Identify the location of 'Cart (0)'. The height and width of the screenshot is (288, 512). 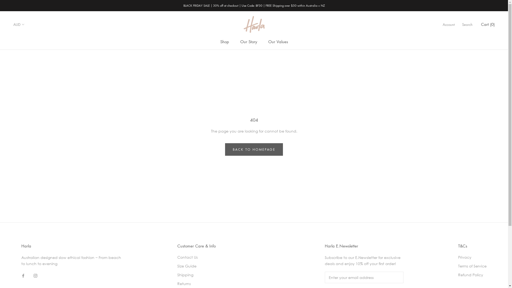
(488, 24).